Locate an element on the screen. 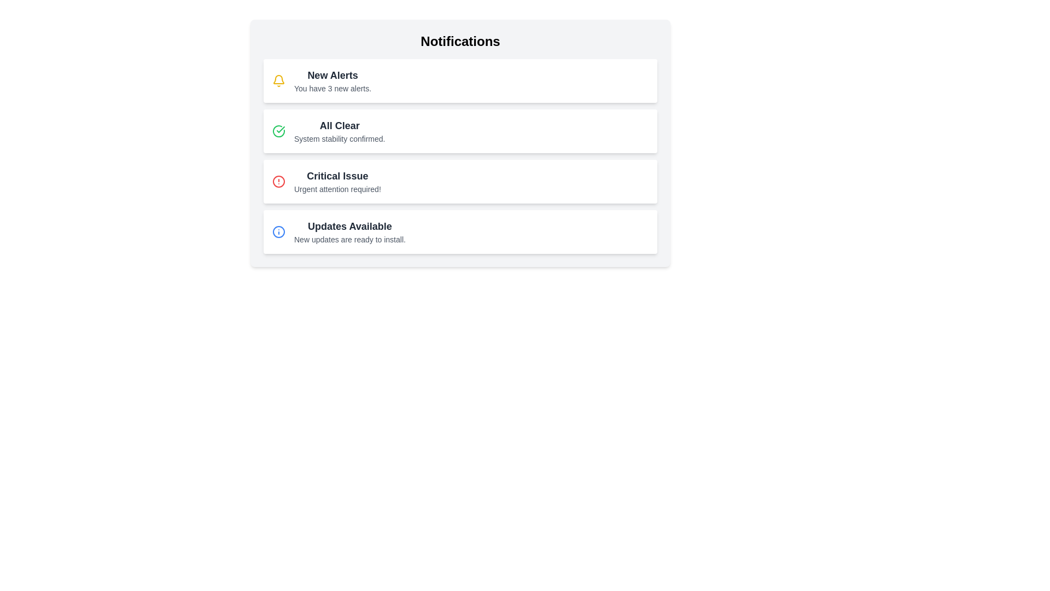 Image resolution: width=1050 pixels, height=591 pixels. the Info icon located in the 'Updates Available' section of the notification panel, which indicates information or updates requiring user attention is located at coordinates (278, 231).